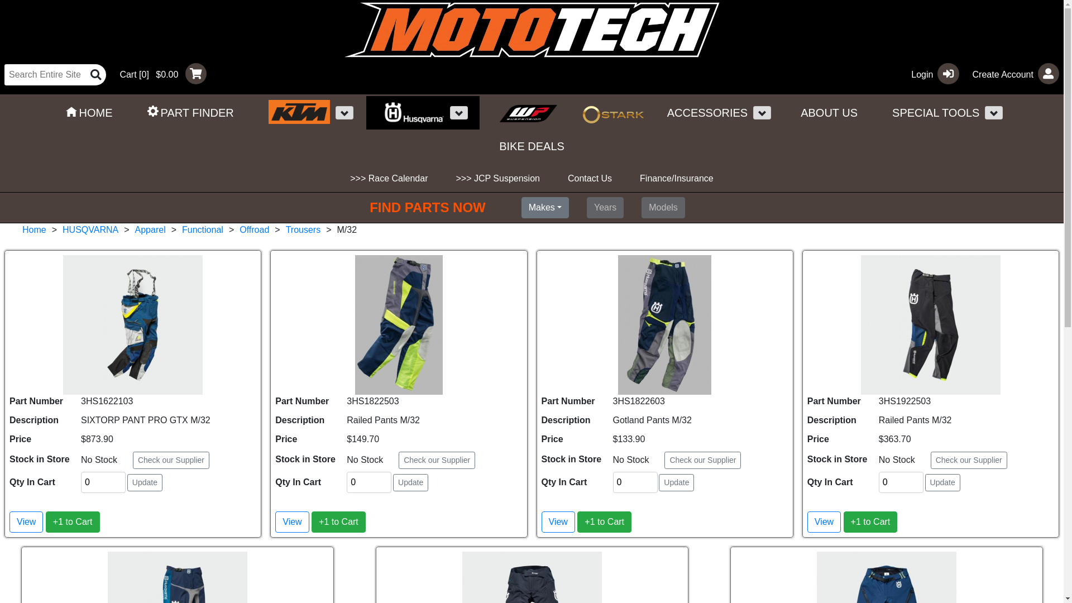 This screenshot has width=1072, height=603. What do you see at coordinates (701, 112) in the screenshot?
I see `'ACCESSORIES'` at bounding box center [701, 112].